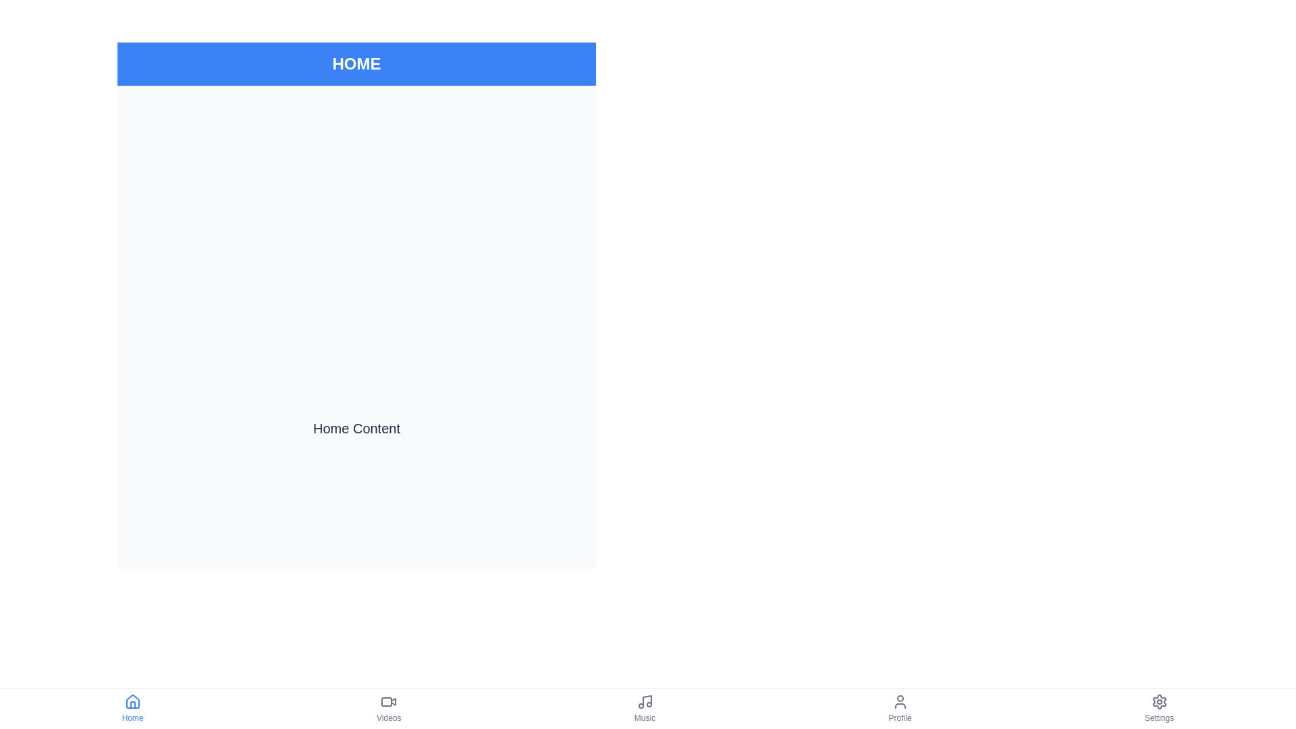 The height and width of the screenshot is (729, 1296). I want to click on the 'Music' tab in the bottom navigation bar, so click(644, 707).